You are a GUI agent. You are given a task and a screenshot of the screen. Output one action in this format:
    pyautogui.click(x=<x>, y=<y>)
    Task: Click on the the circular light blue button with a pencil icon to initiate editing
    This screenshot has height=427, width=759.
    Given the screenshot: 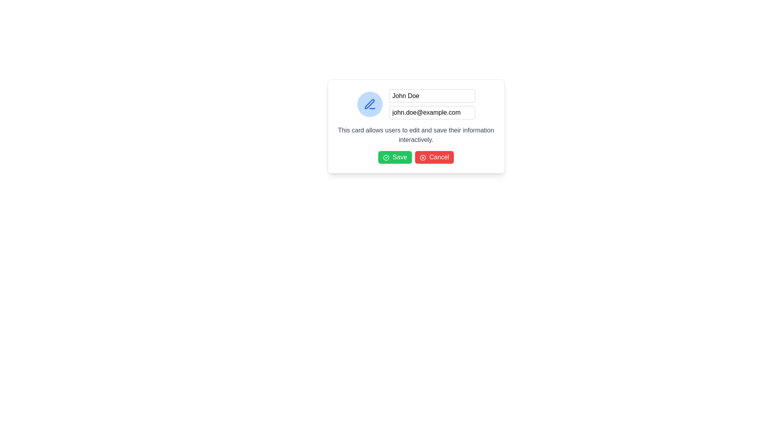 What is the action you would take?
    pyautogui.click(x=369, y=104)
    